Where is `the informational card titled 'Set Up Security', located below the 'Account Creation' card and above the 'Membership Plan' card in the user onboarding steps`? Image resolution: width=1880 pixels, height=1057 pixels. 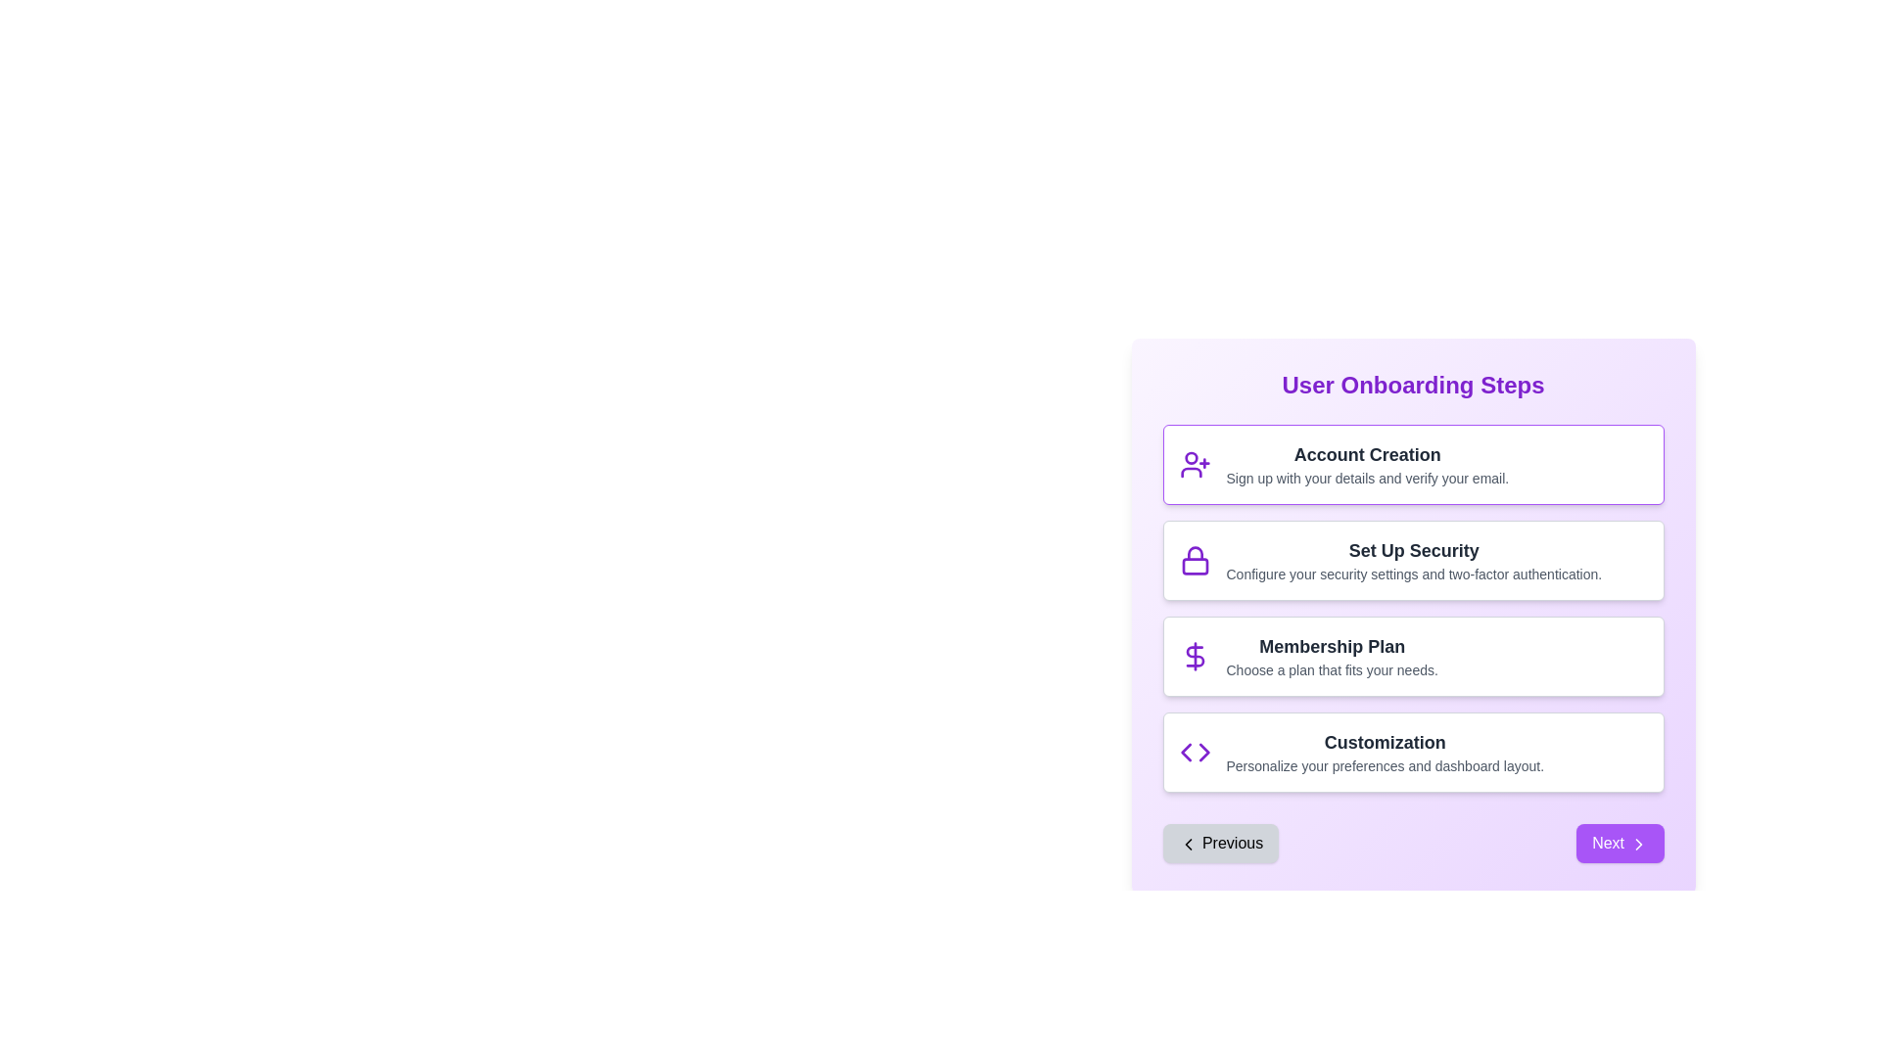
the informational card titled 'Set Up Security', located below the 'Account Creation' card and above the 'Membership Plan' card in the user onboarding steps is located at coordinates (1414, 561).